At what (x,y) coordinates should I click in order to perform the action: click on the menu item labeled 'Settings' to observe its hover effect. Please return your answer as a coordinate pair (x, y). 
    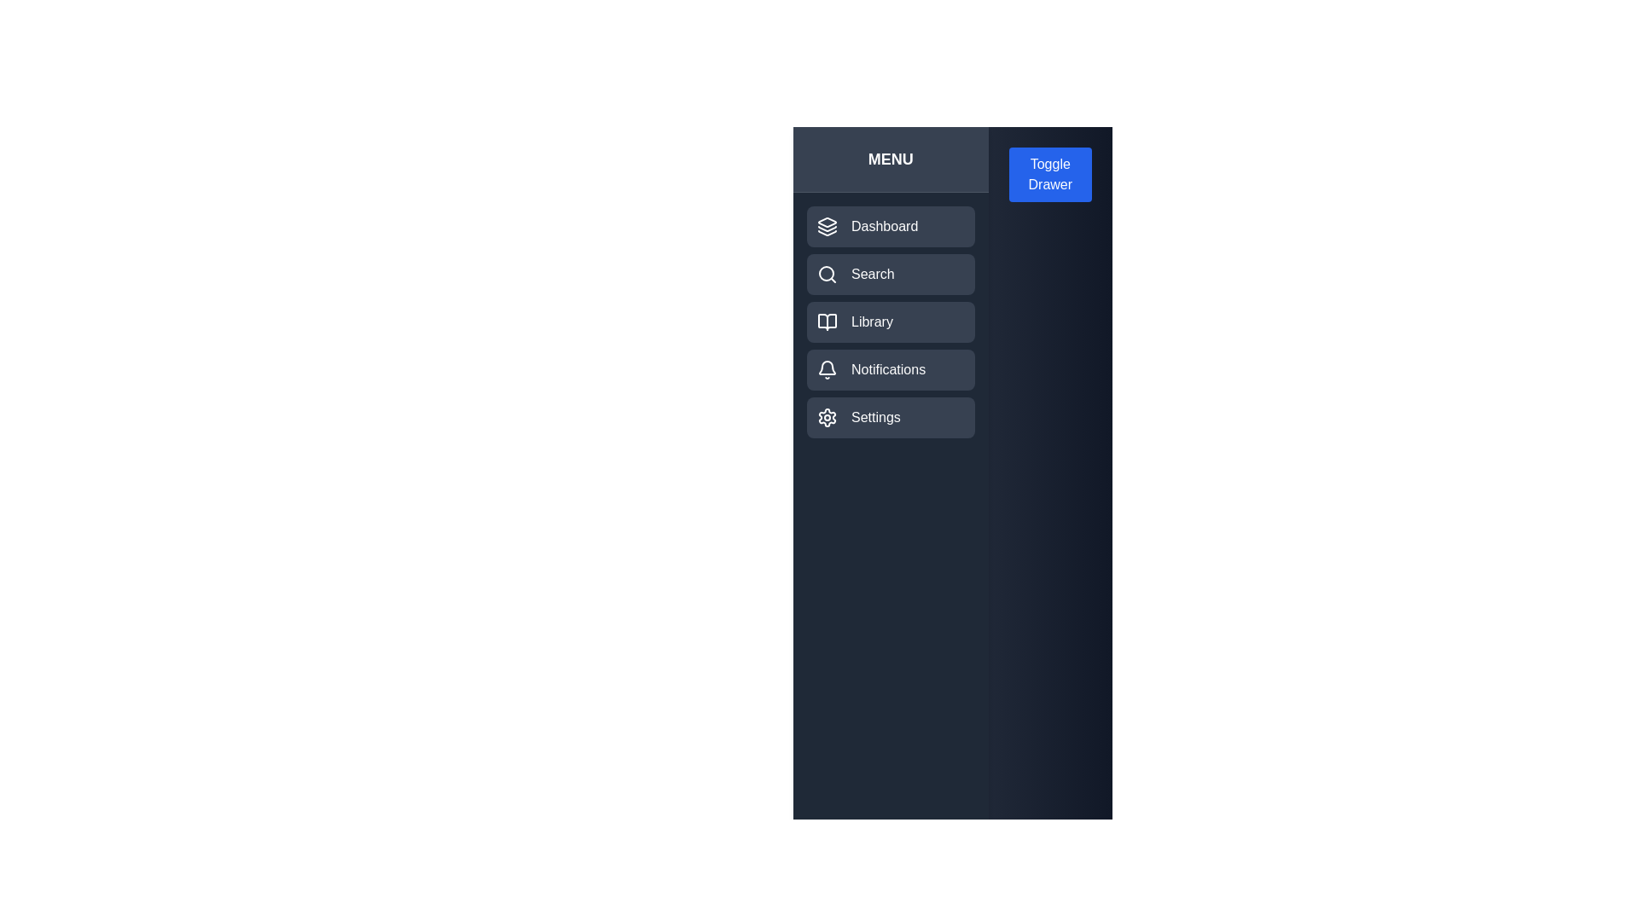
    Looking at the image, I should click on (889, 417).